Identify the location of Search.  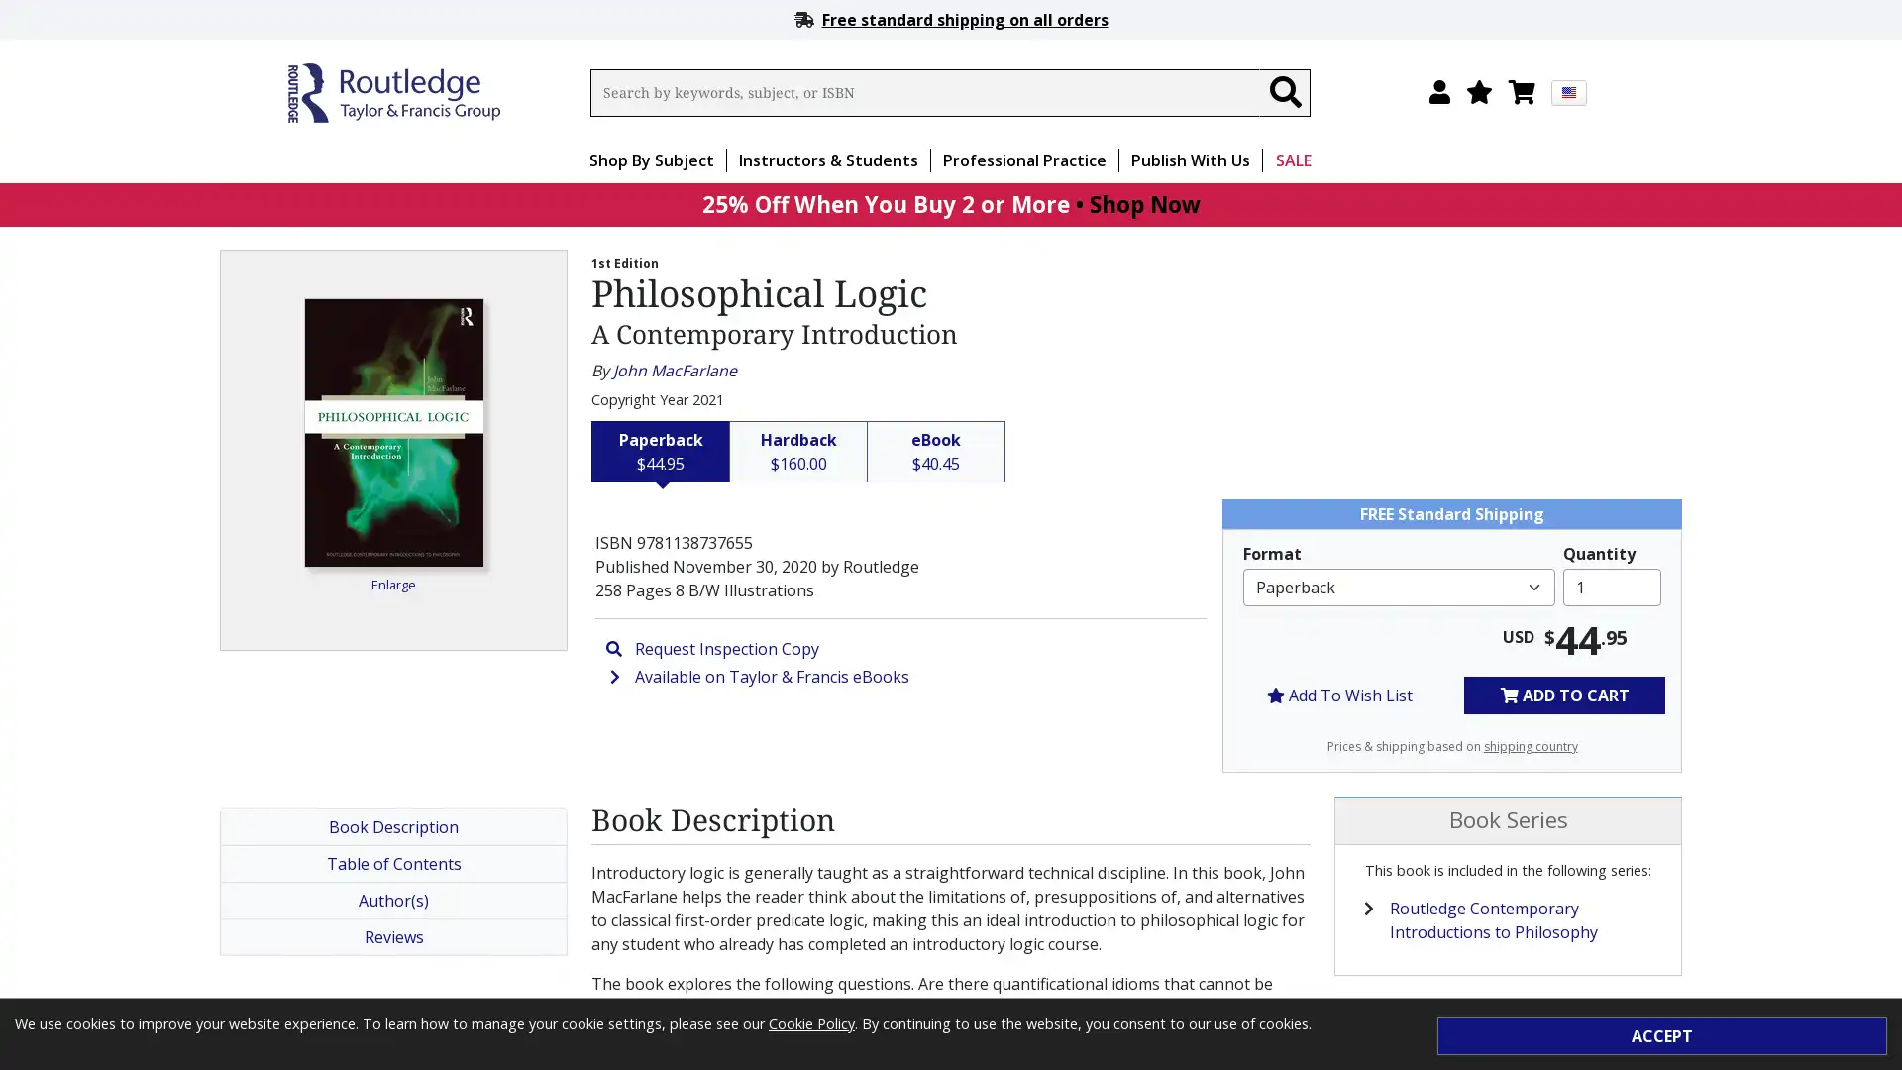
(1284, 92).